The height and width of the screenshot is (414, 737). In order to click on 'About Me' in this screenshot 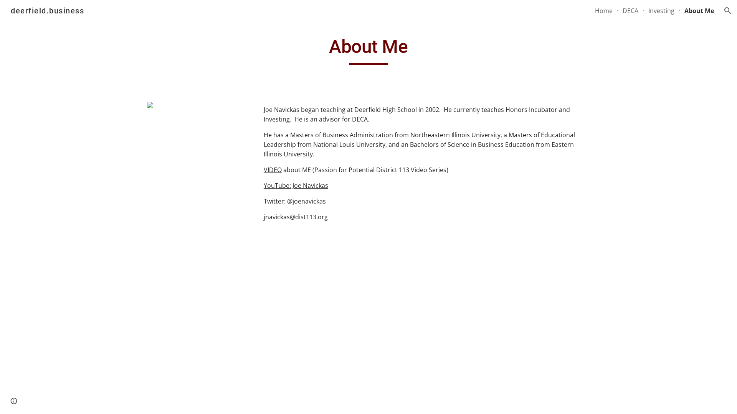, I will do `click(699, 10)`.